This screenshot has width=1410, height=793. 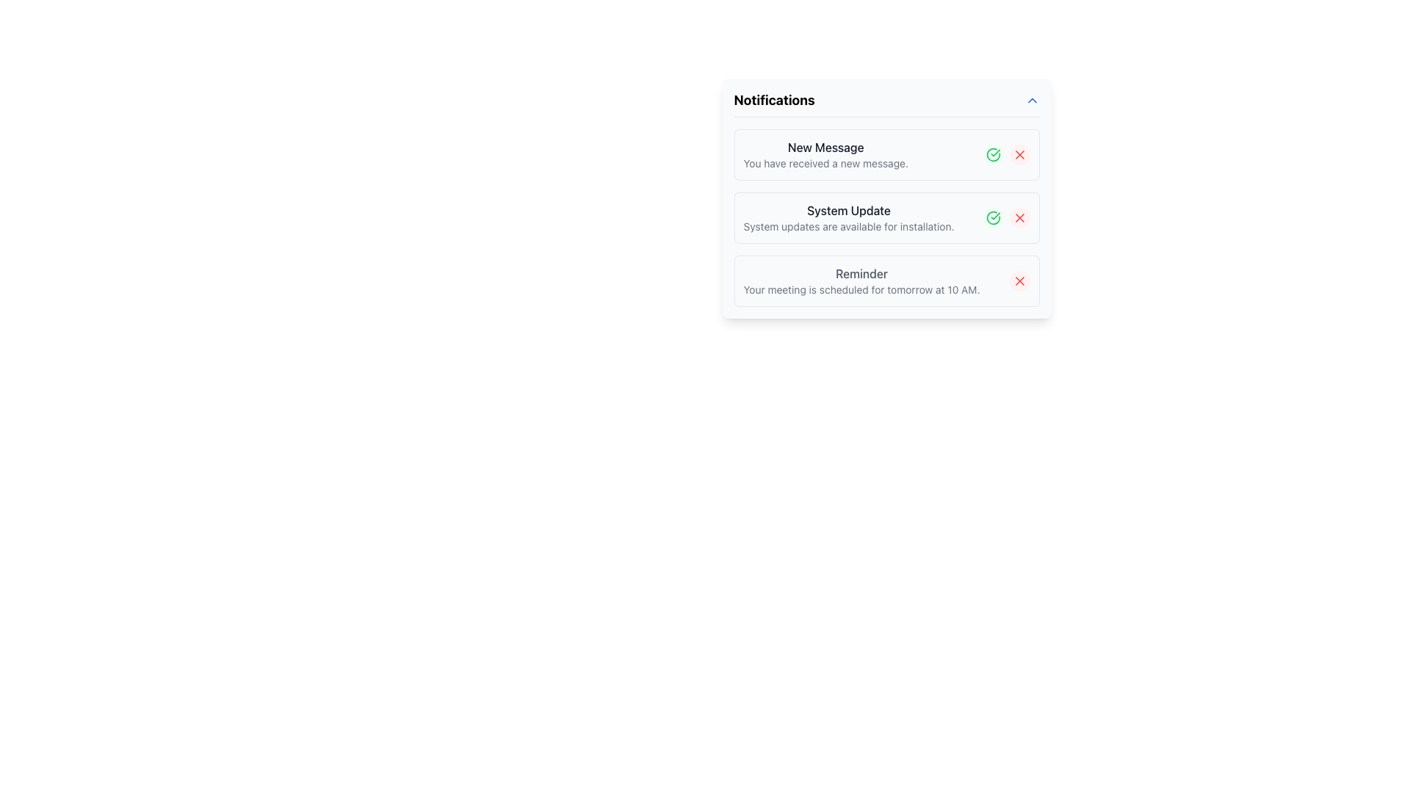 What do you see at coordinates (886, 218) in the screenshot?
I see `text content of the Notification Card located centrally in the vertical stack of notifications, positioned between 'New Message' and 'Reminder'` at bounding box center [886, 218].